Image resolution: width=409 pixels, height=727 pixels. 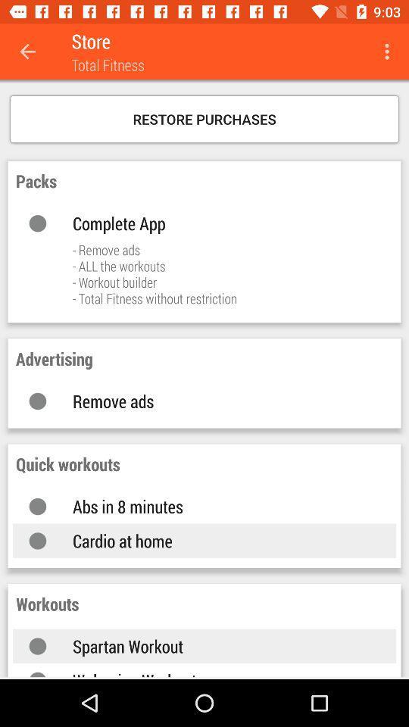 What do you see at coordinates (218, 541) in the screenshot?
I see `the cardio at home item` at bounding box center [218, 541].